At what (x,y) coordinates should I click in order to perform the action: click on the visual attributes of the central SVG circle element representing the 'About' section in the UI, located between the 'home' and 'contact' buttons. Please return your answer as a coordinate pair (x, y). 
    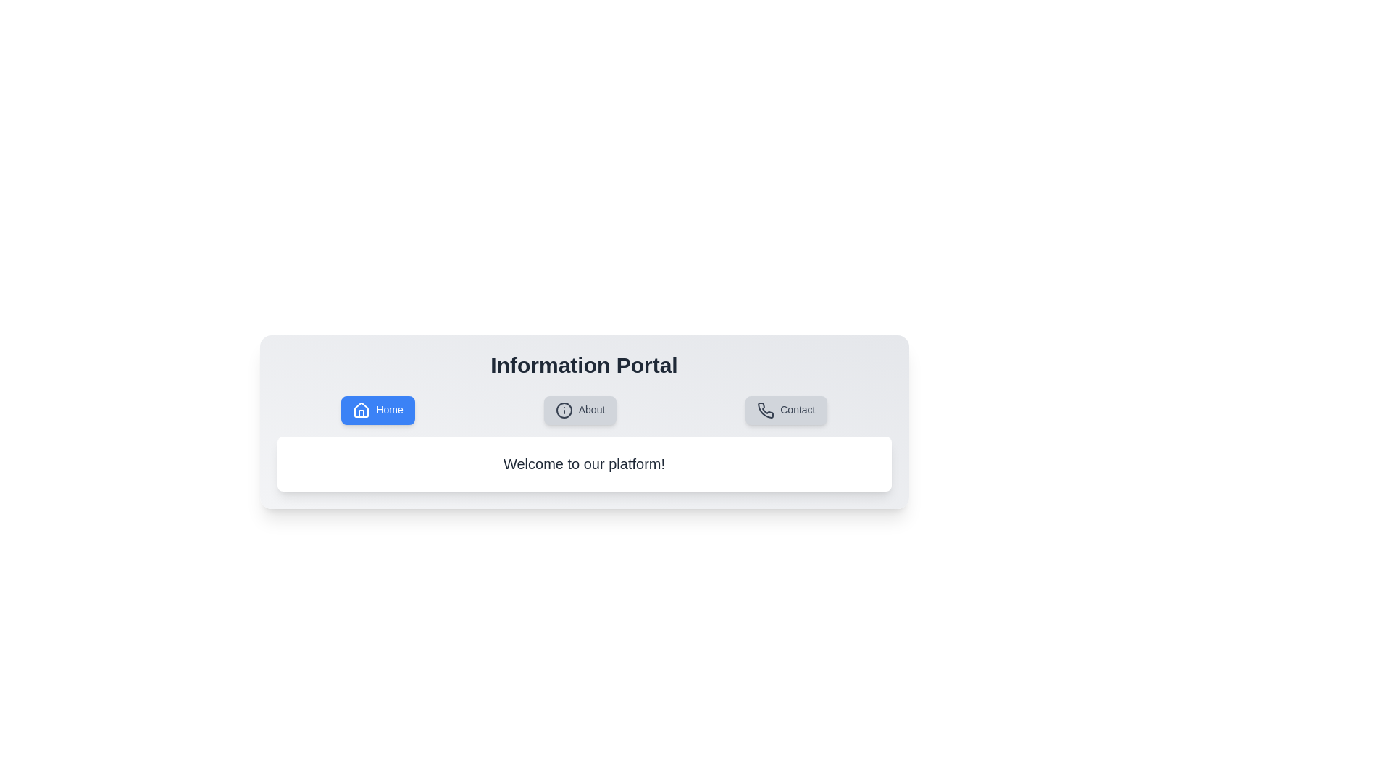
    Looking at the image, I should click on (563, 411).